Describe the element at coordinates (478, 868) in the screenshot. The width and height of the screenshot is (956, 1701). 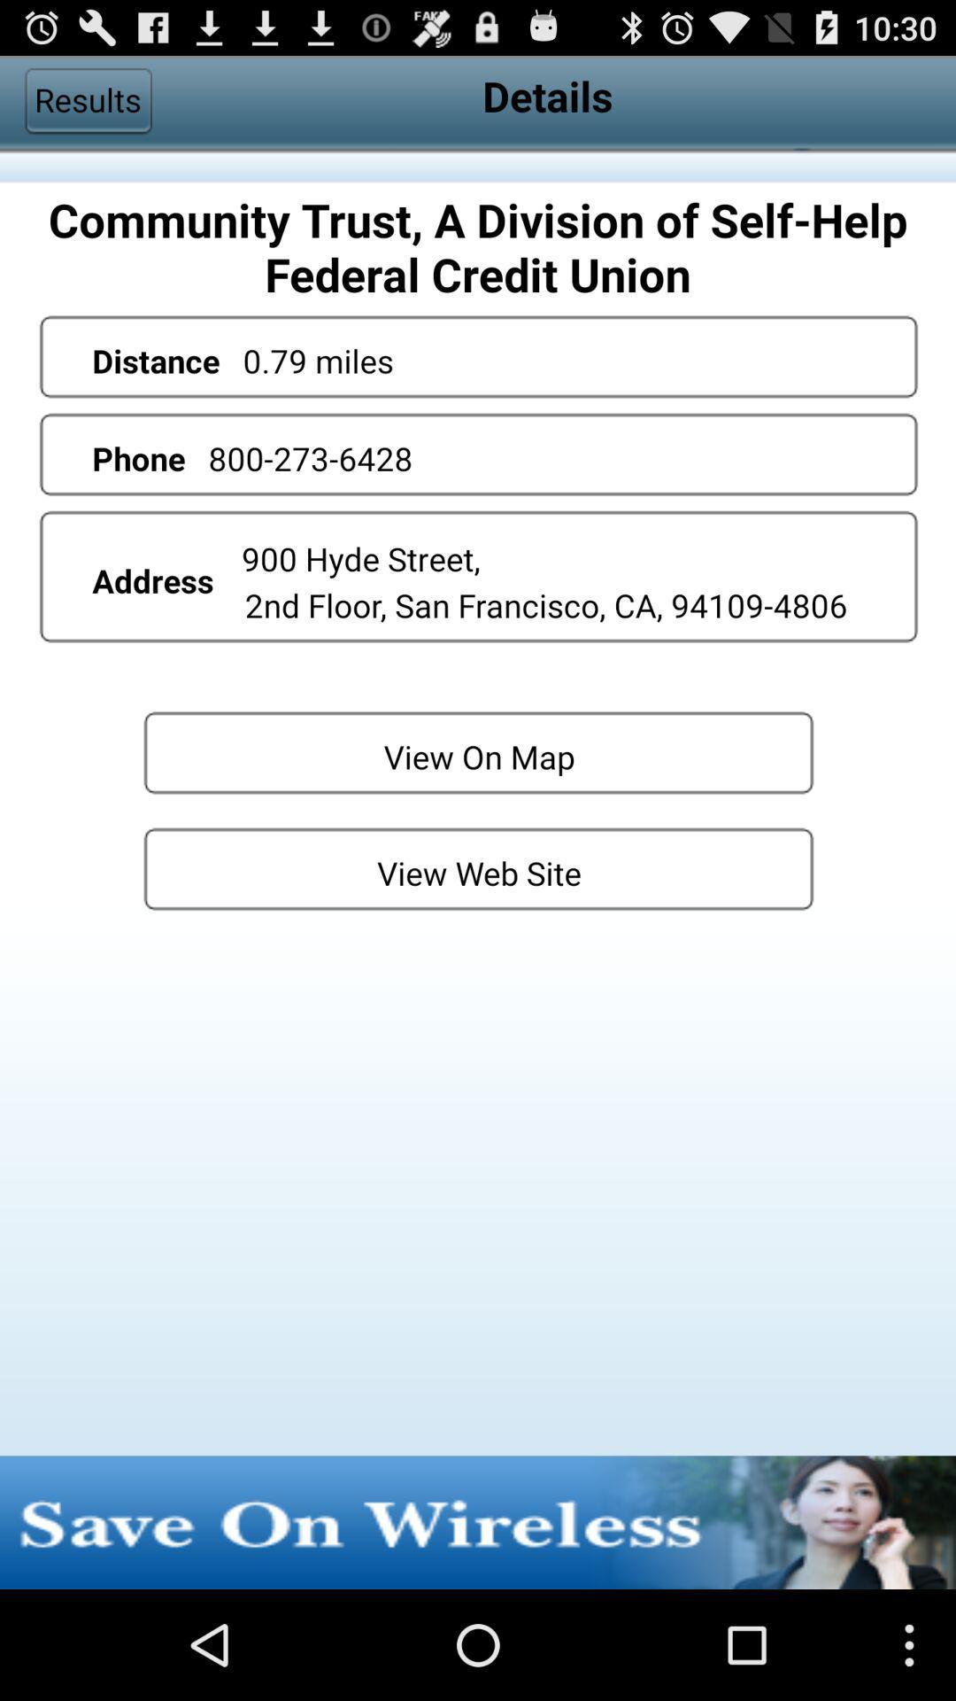
I see `the view web site` at that location.